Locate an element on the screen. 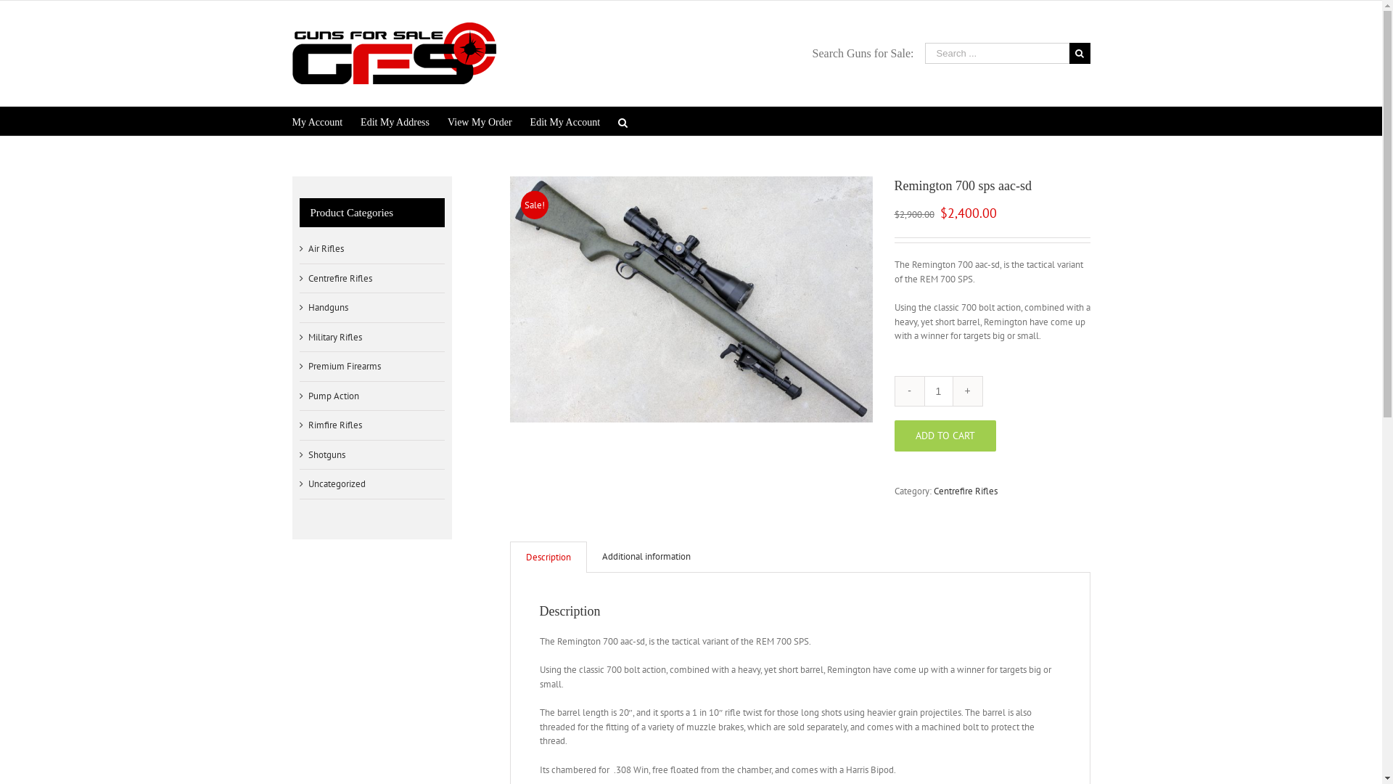 The width and height of the screenshot is (1393, 784). 'ADD TO CART' is located at coordinates (944, 434).